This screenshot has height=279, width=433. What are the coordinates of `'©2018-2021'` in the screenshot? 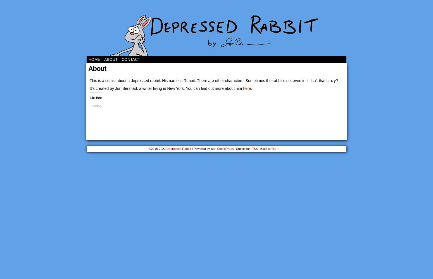 It's located at (158, 149).